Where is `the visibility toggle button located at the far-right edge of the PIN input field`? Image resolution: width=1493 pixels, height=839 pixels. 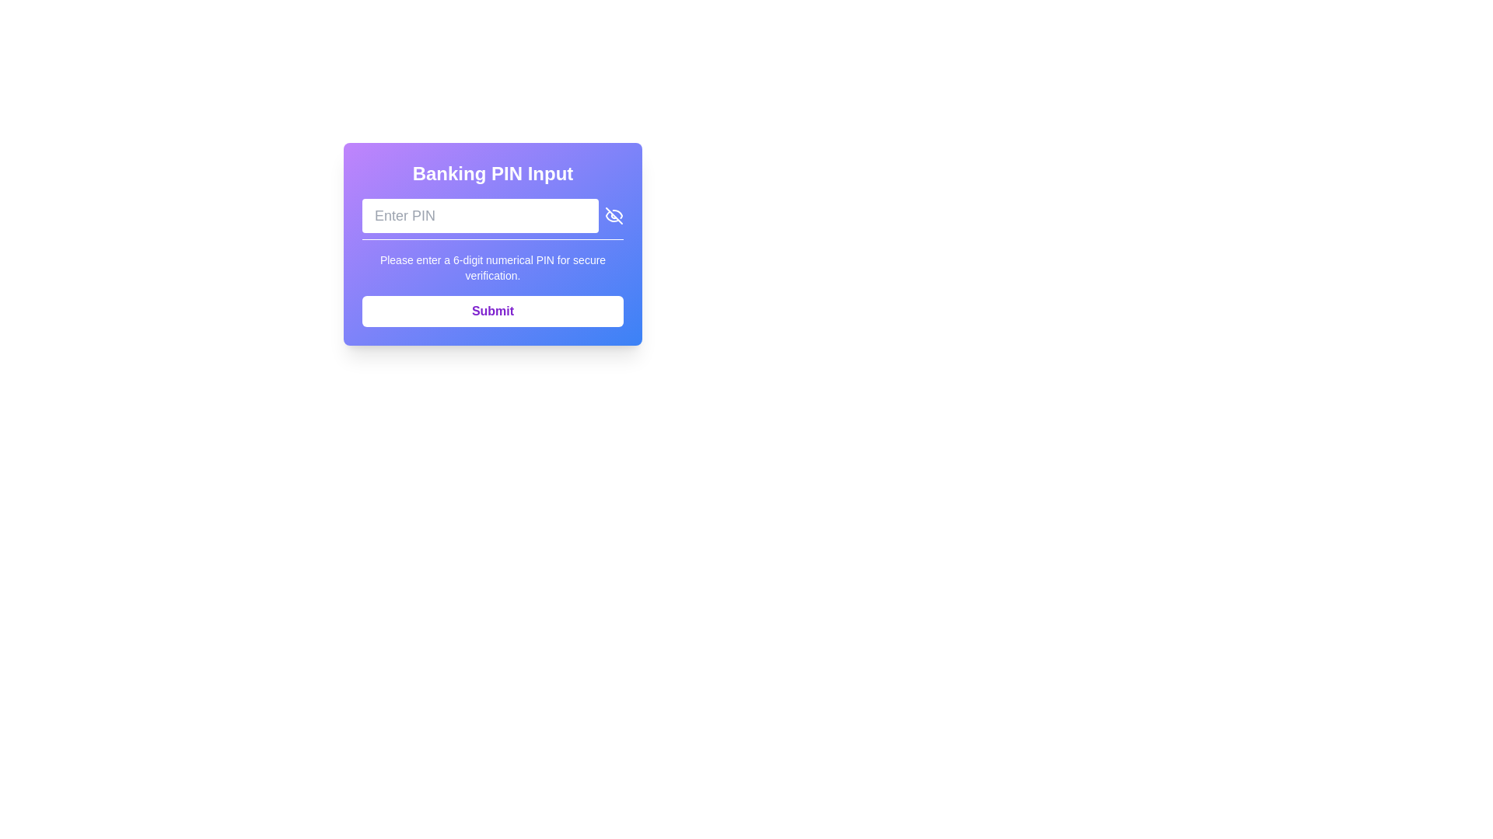 the visibility toggle button located at the far-right edge of the PIN input field is located at coordinates (614, 215).